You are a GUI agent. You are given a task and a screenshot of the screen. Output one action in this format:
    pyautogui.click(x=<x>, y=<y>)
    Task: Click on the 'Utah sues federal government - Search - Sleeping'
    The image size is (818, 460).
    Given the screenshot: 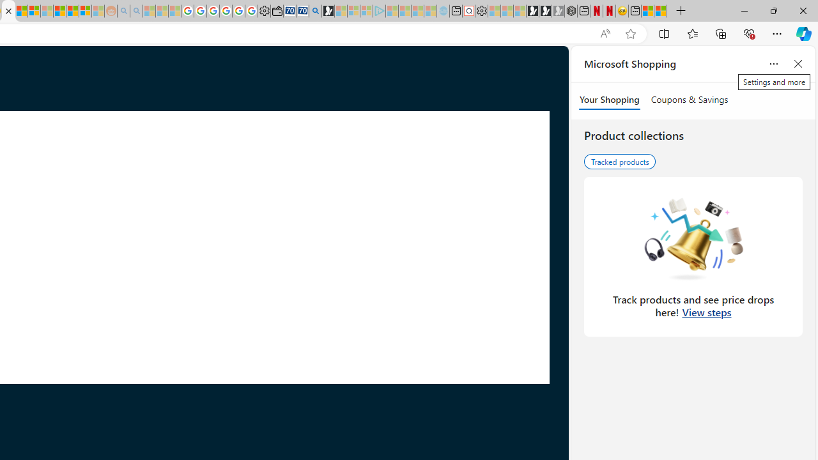 What is the action you would take?
    pyautogui.click(x=136, y=11)
    